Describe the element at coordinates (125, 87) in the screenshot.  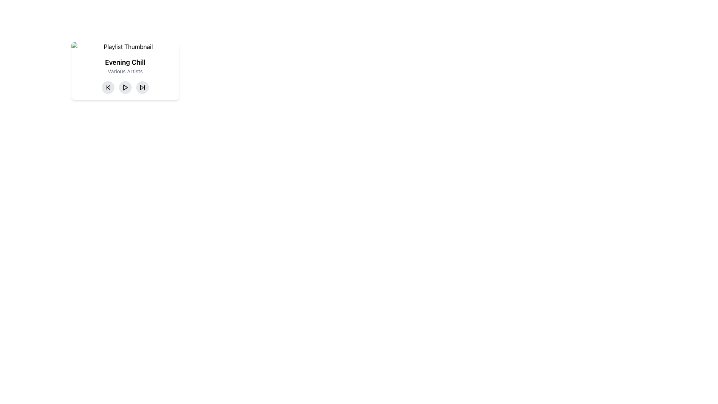
I see `the play icon, which is a triangular element located in the center of the SVG play button` at that location.